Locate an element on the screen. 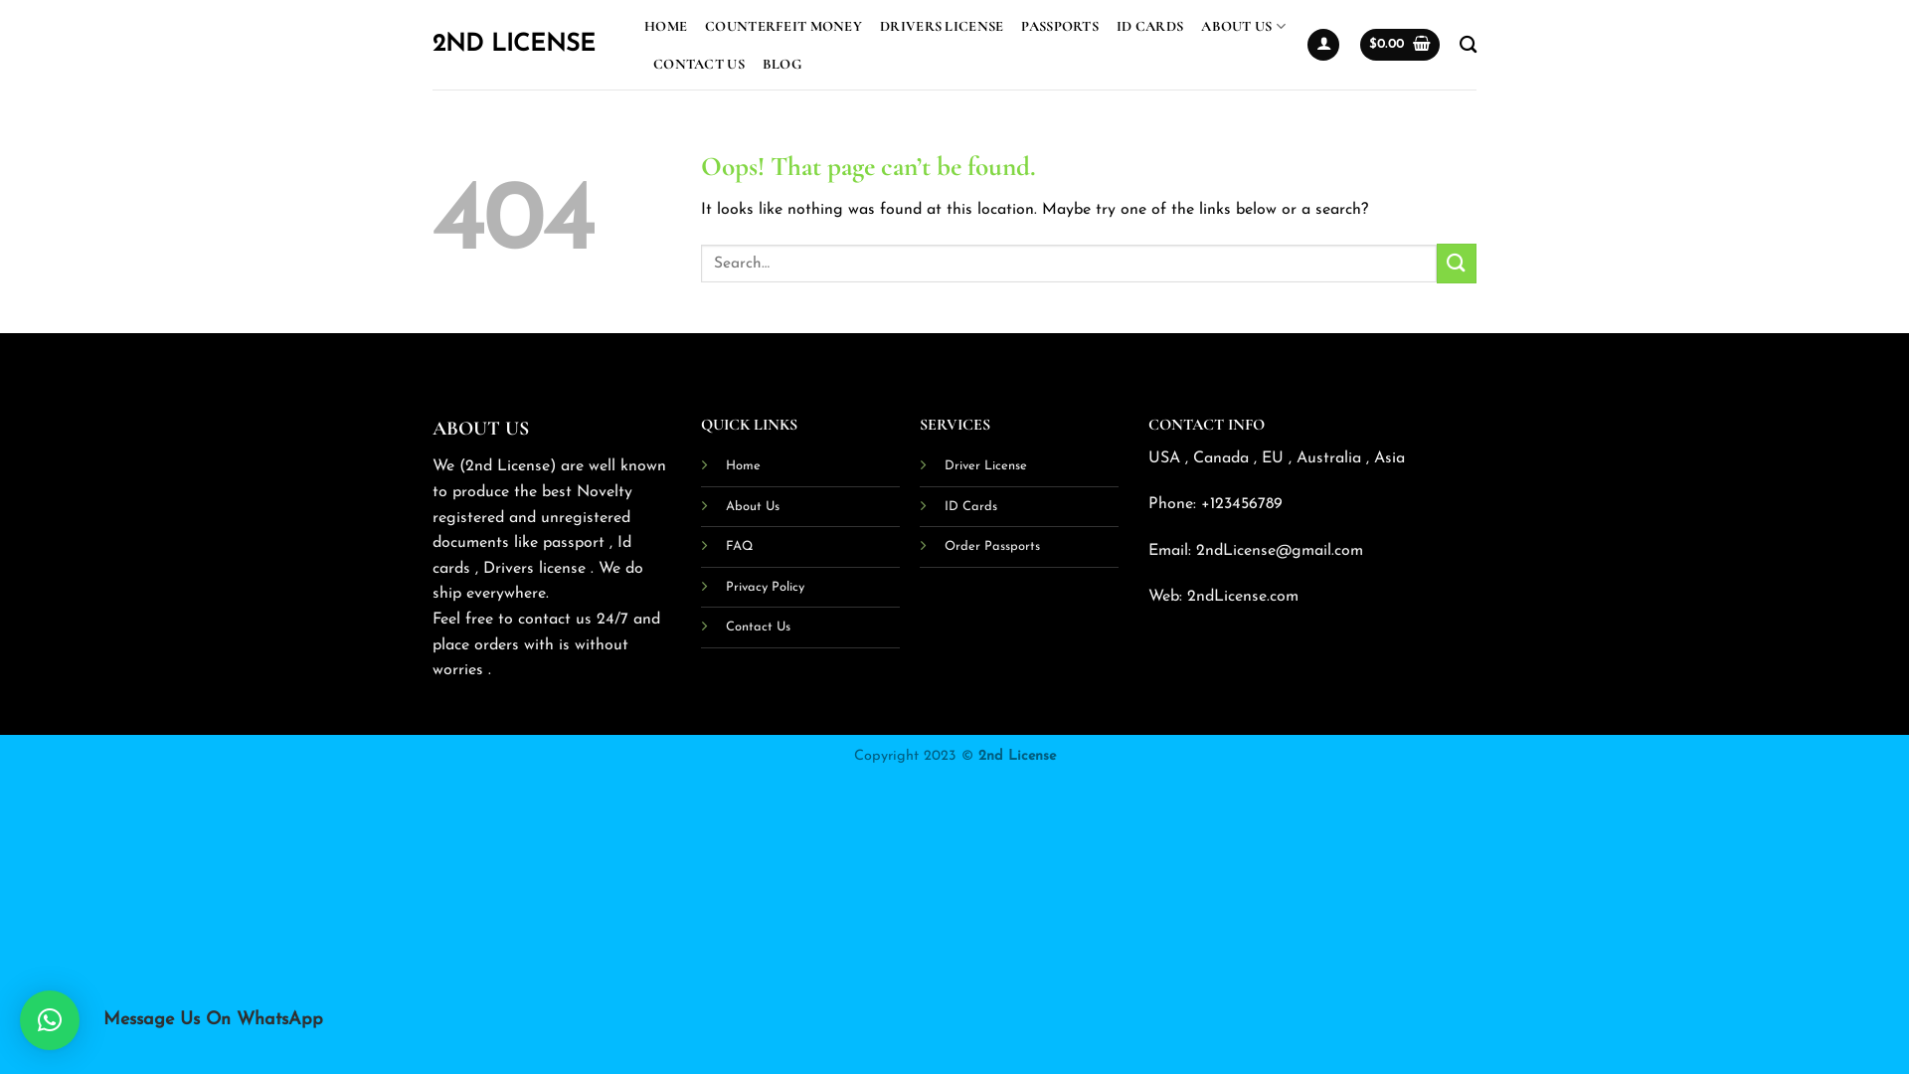  '@gmail.com' is located at coordinates (1318, 551).